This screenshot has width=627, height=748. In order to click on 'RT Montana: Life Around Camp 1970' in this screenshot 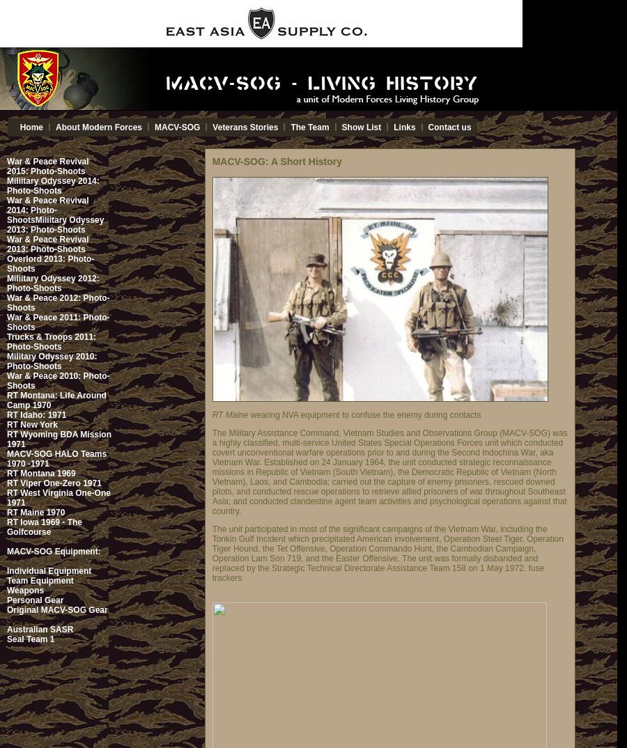, I will do `click(56, 400)`.